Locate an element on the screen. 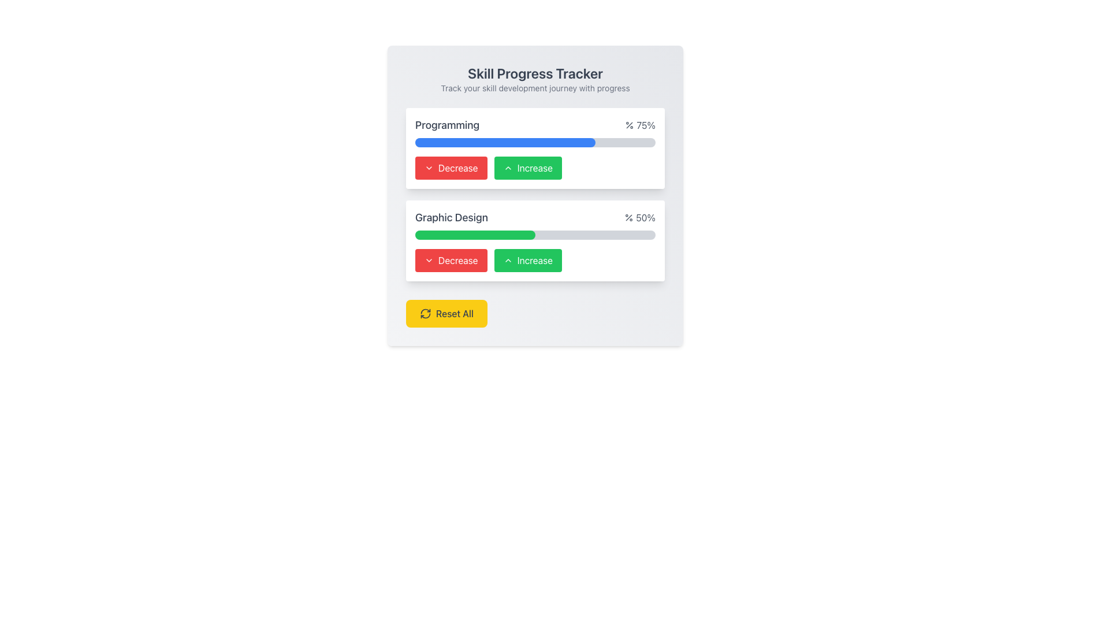 The image size is (1109, 624). the 'Programming' text label located at the top left of the progress tracking section is located at coordinates (446, 125).